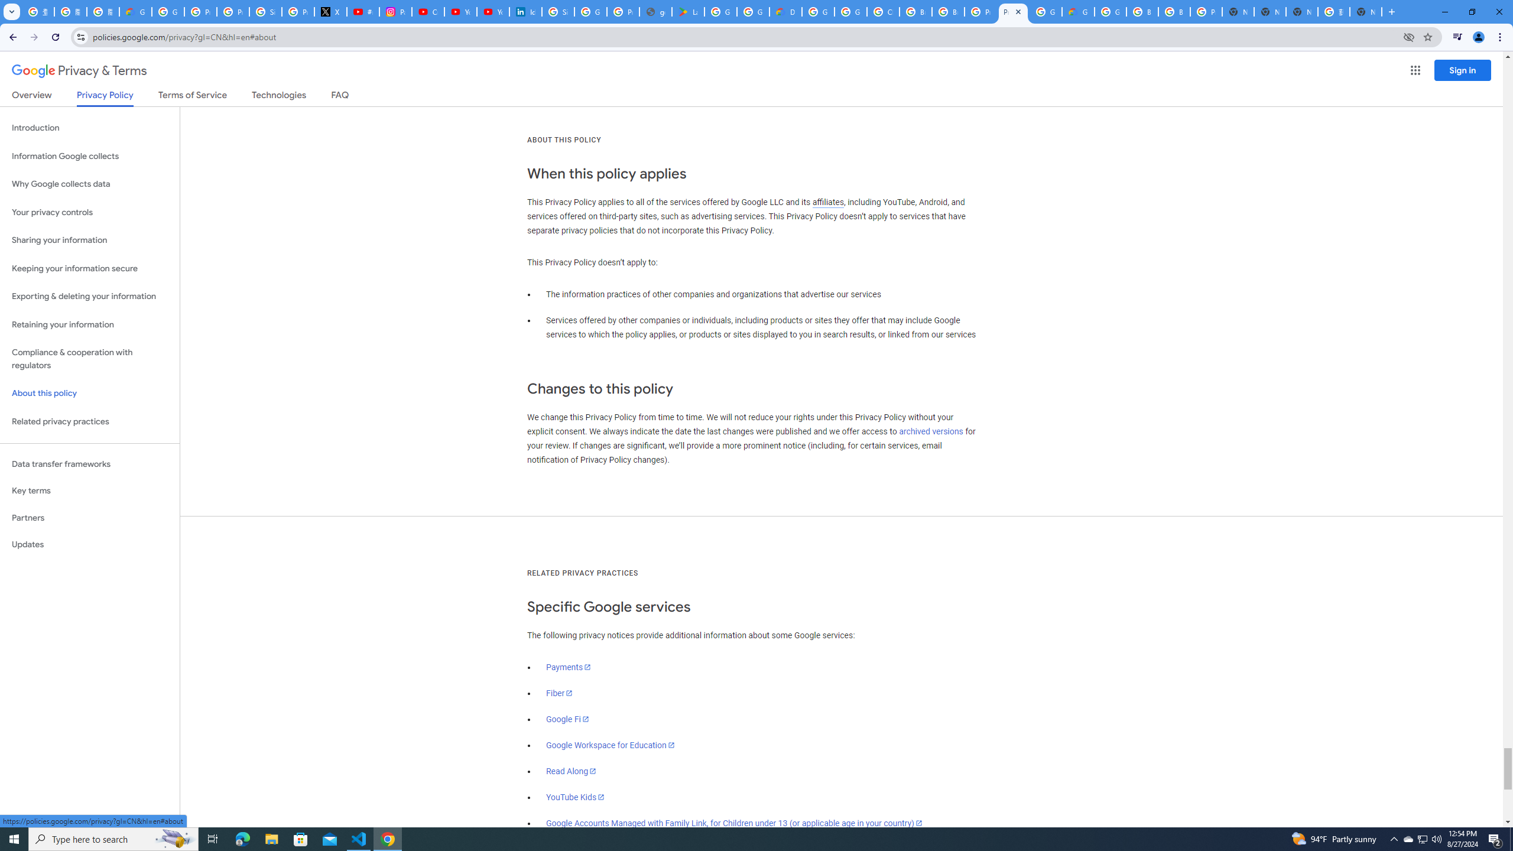  What do you see at coordinates (609, 745) in the screenshot?
I see `'Google Workspace for Education'` at bounding box center [609, 745].